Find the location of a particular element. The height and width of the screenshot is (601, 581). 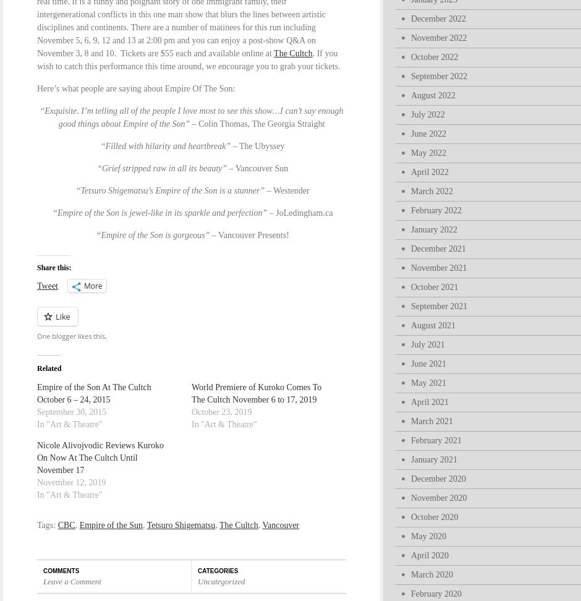

'Vancouver' is located at coordinates (280, 524).